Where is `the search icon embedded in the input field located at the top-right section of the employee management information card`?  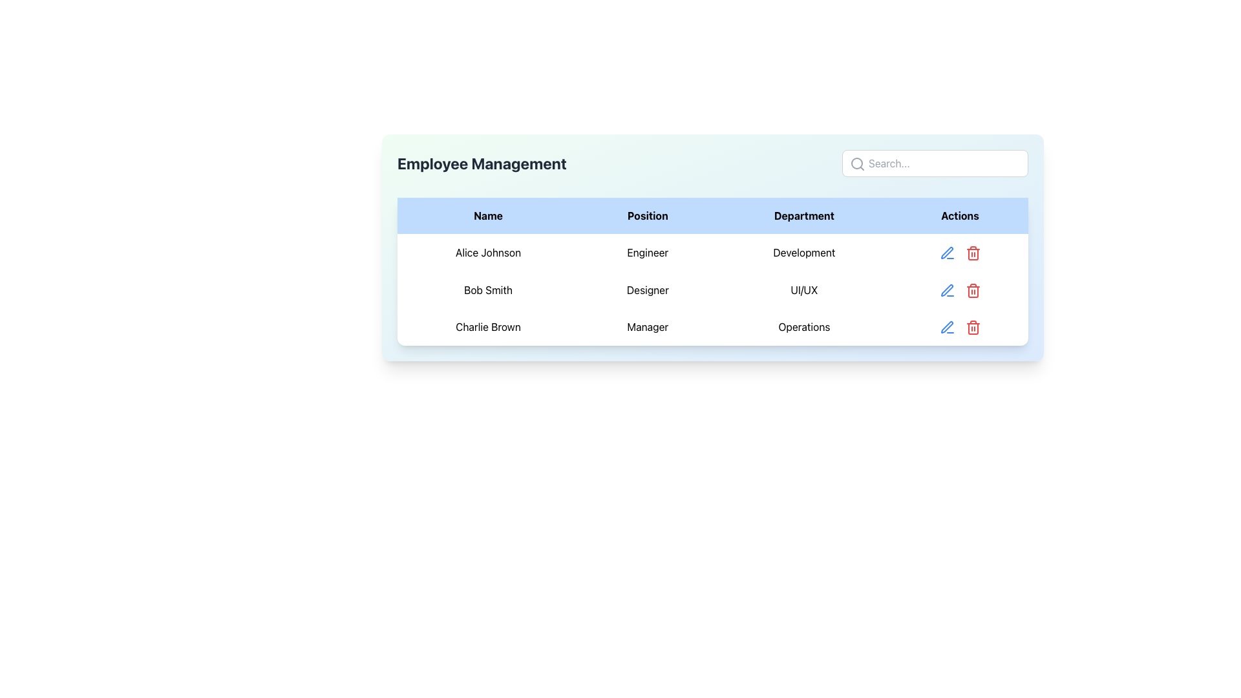
the search icon embedded in the input field located at the top-right section of the employee management information card is located at coordinates (857, 164).